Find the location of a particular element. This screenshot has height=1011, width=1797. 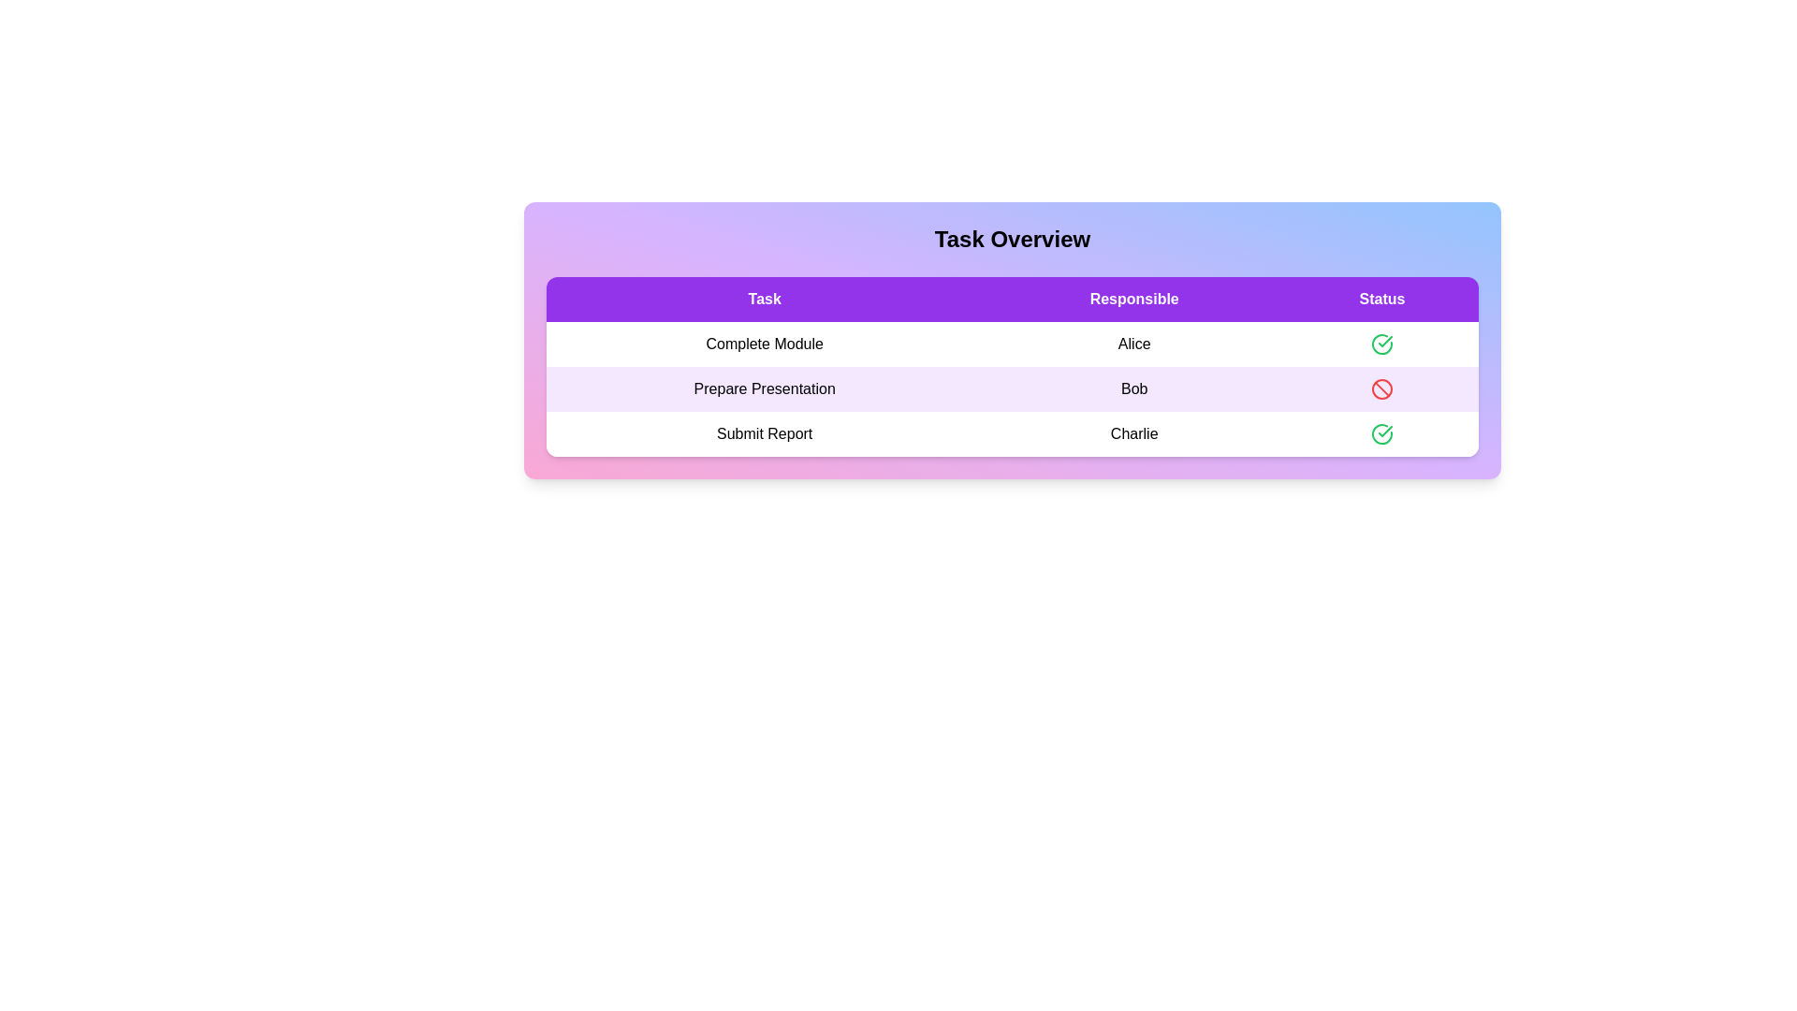

the 'Status' text label located at the top-right of the tabular area with a purple background and white text is located at coordinates (1382, 299).